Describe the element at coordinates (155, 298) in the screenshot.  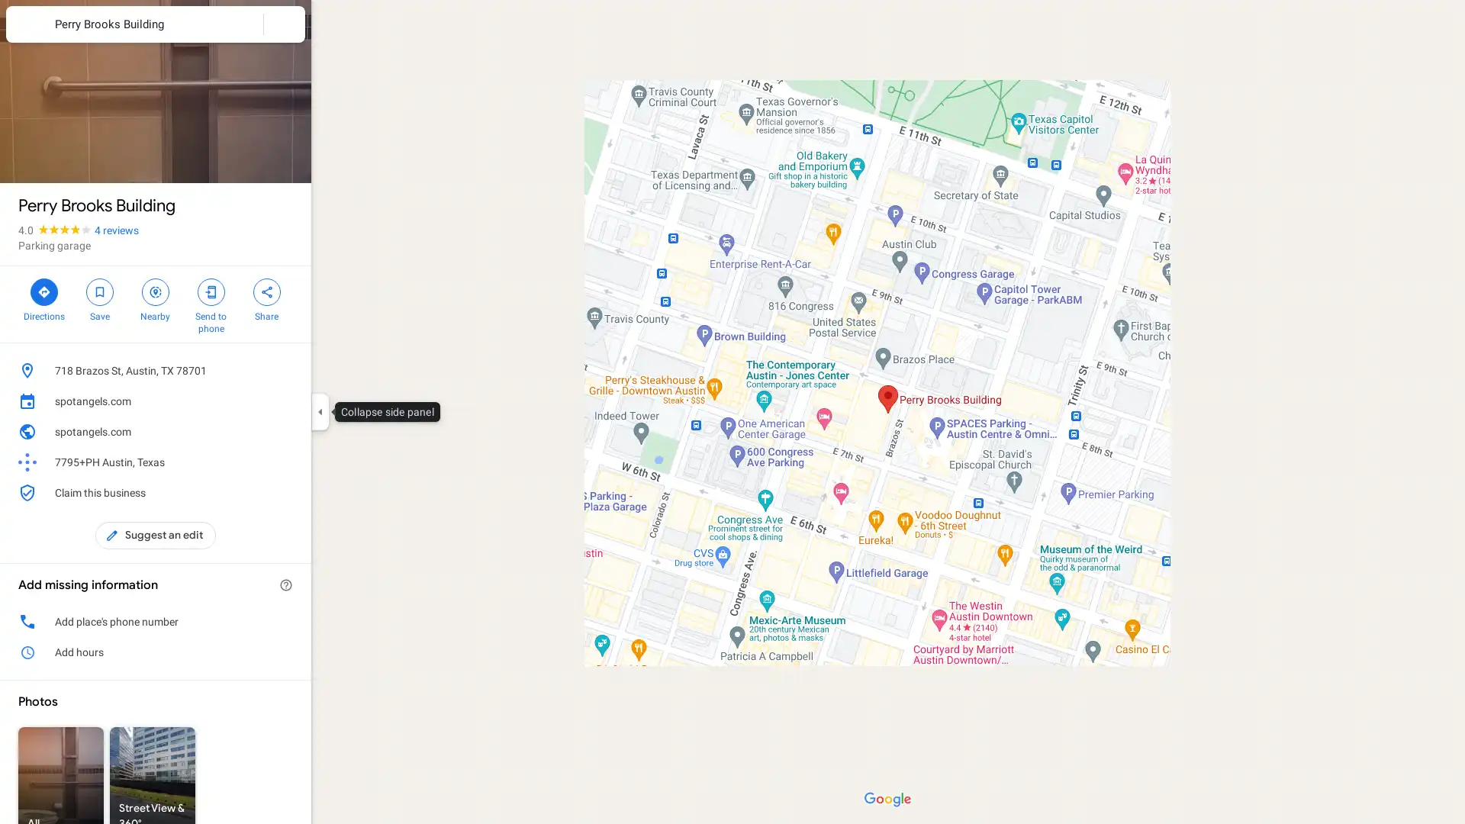
I see `Search nearby Perry Brooks Building` at that location.